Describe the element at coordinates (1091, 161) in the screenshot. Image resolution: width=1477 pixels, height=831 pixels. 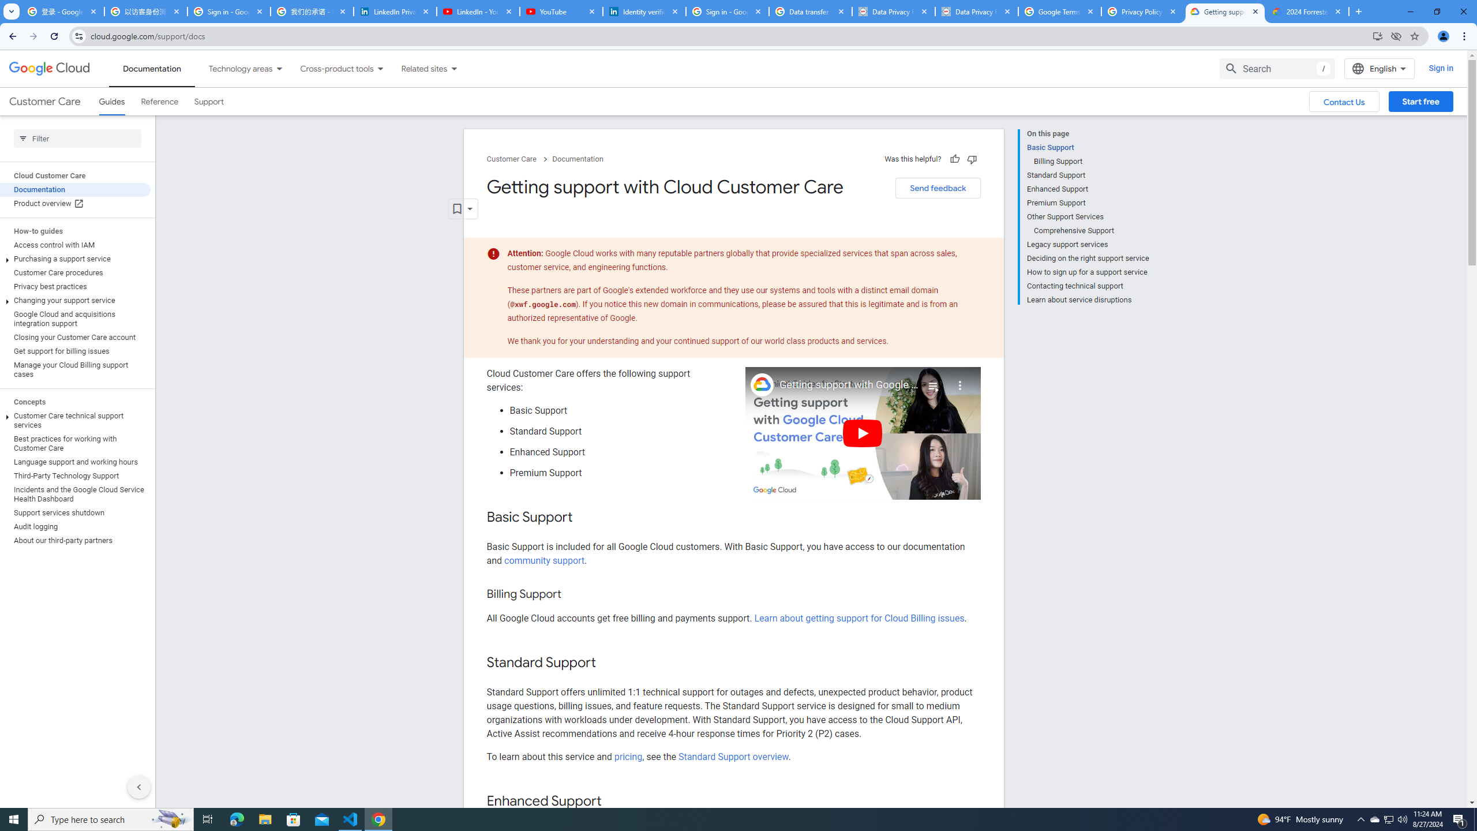
I see `'Billing Support'` at that location.